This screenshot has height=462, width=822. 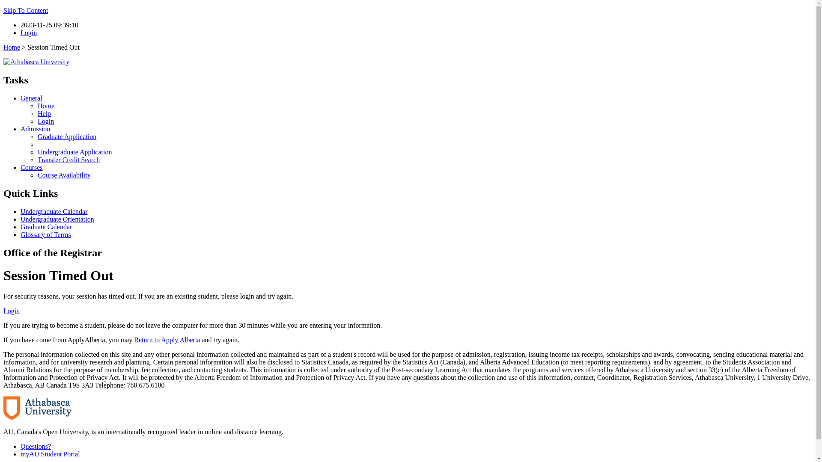 What do you see at coordinates (35, 446) in the screenshot?
I see `'Questions?'` at bounding box center [35, 446].